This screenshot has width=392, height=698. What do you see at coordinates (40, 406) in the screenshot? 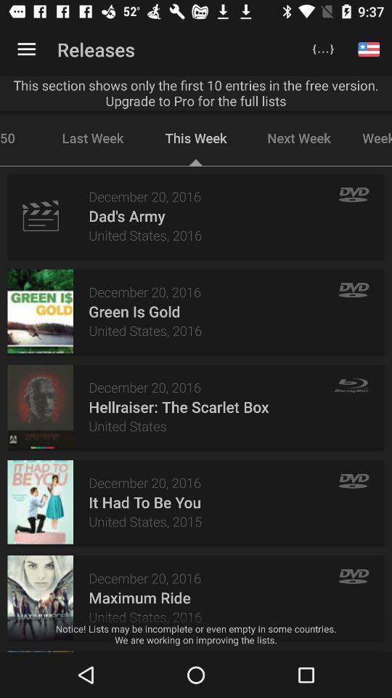
I see `third image from top` at bounding box center [40, 406].